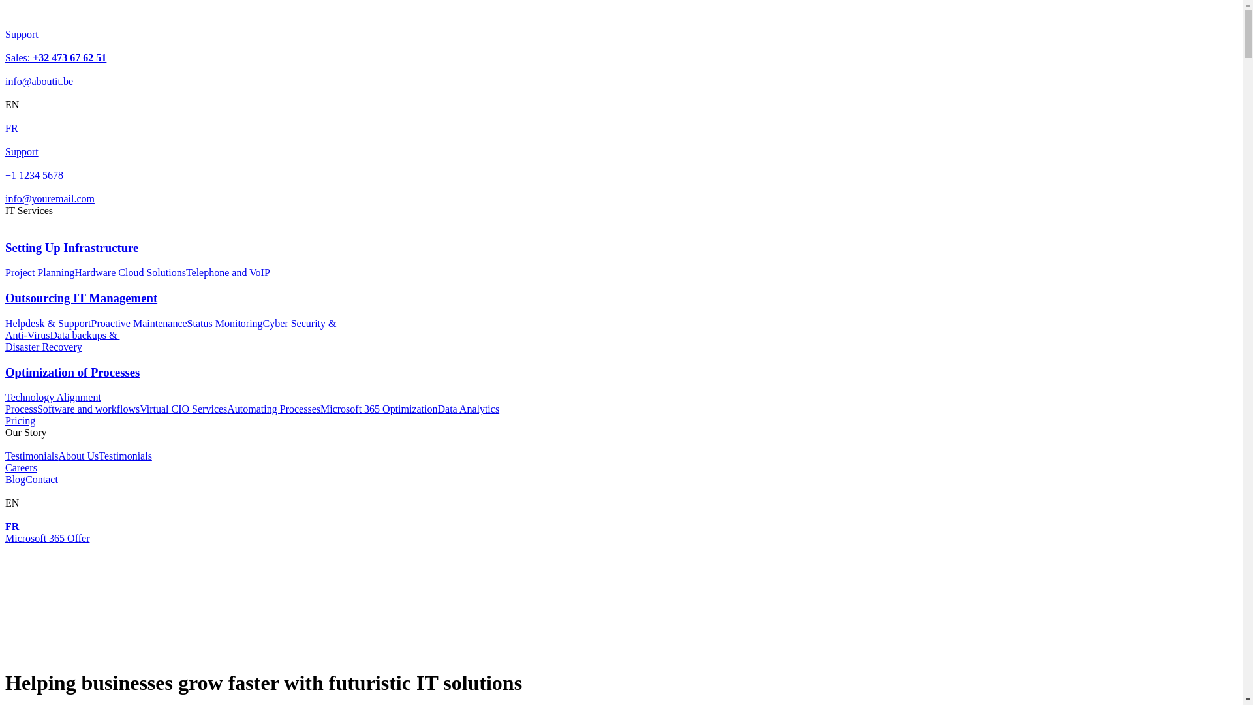  What do you see at coordinates (228, 272) in the screenshot?
I see `'Telephone and VoIP'` at bounding box center [228, 272].